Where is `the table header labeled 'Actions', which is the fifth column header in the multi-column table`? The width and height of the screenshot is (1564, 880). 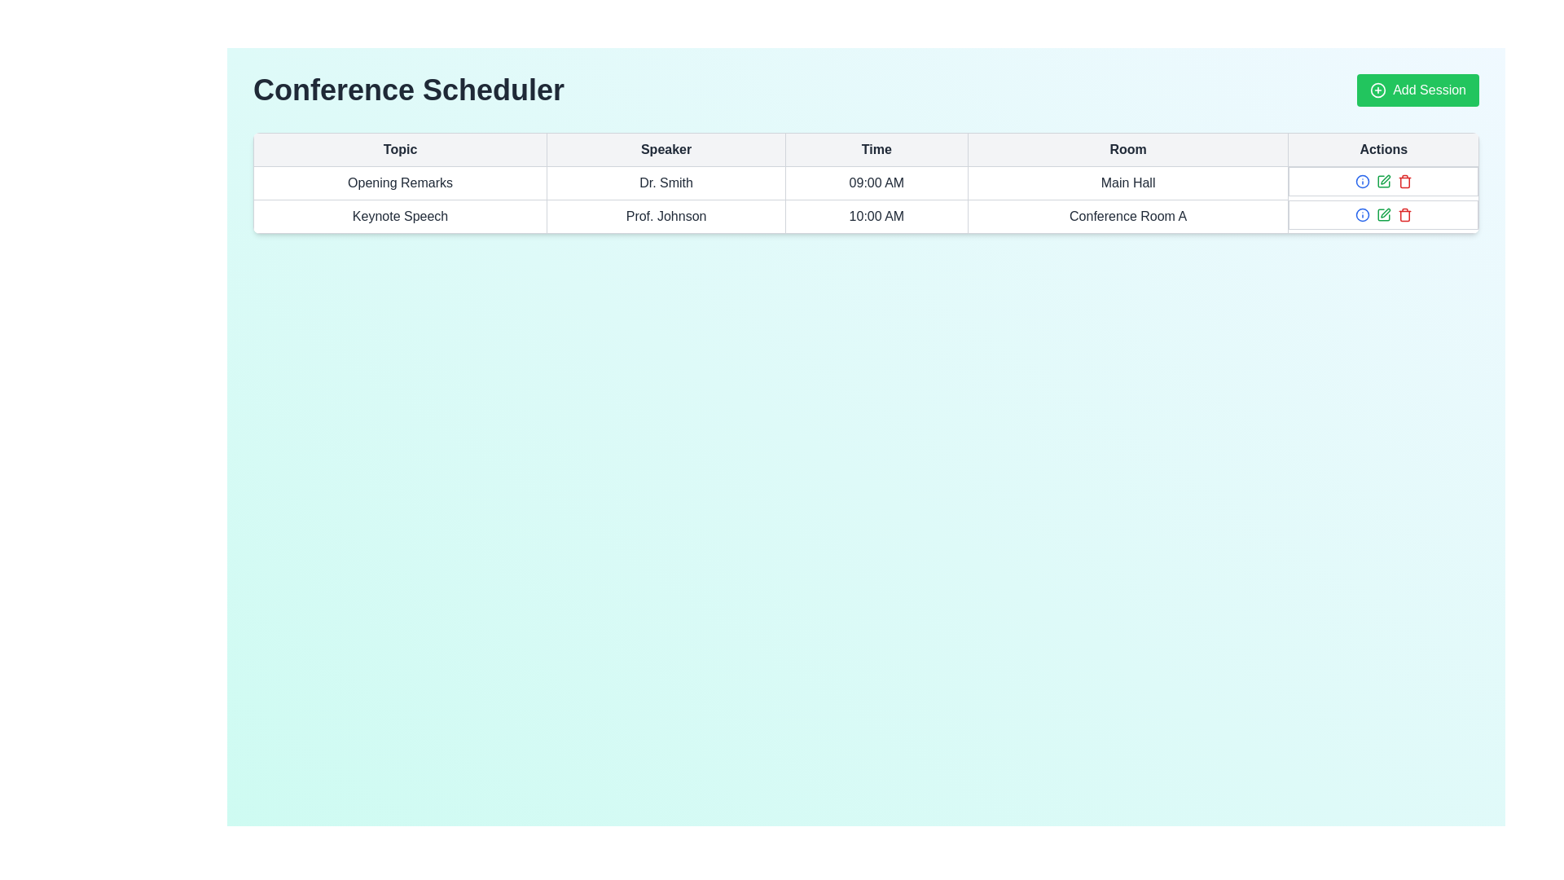 the table header labeled 'Actions', which is the fifth column header in the multi-column table is located at coordinates (1382, 150).